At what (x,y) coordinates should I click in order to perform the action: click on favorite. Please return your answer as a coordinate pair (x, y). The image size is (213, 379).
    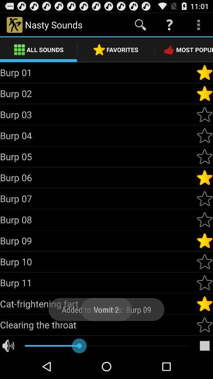
    Looking at the image, I should click on (204, 325).